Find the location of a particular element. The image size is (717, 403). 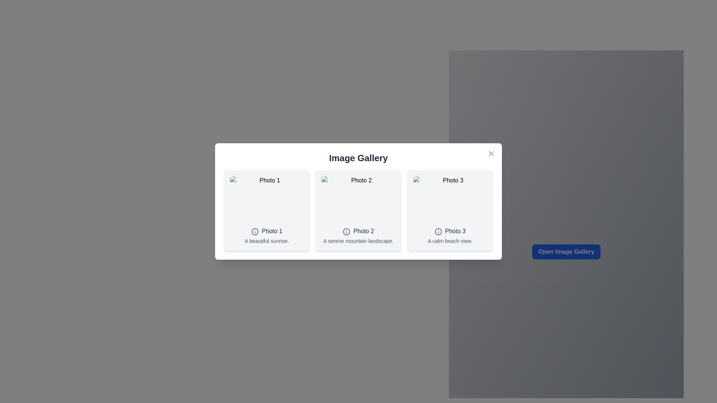

the small, cross-shaped icon in the upper-right corner of the 'Image Gallery' modal is located at coordinates (491, 153).